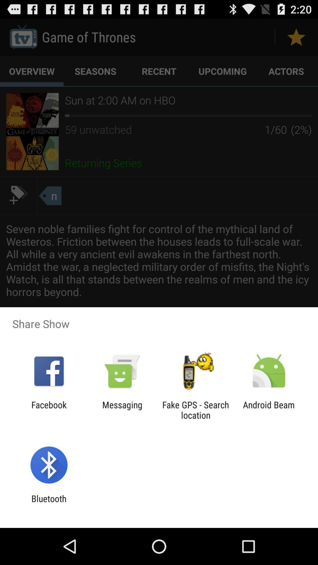 This screenshot has height=565, width=318. I want to click on app next to the fake gps search item, so click(269, 410).